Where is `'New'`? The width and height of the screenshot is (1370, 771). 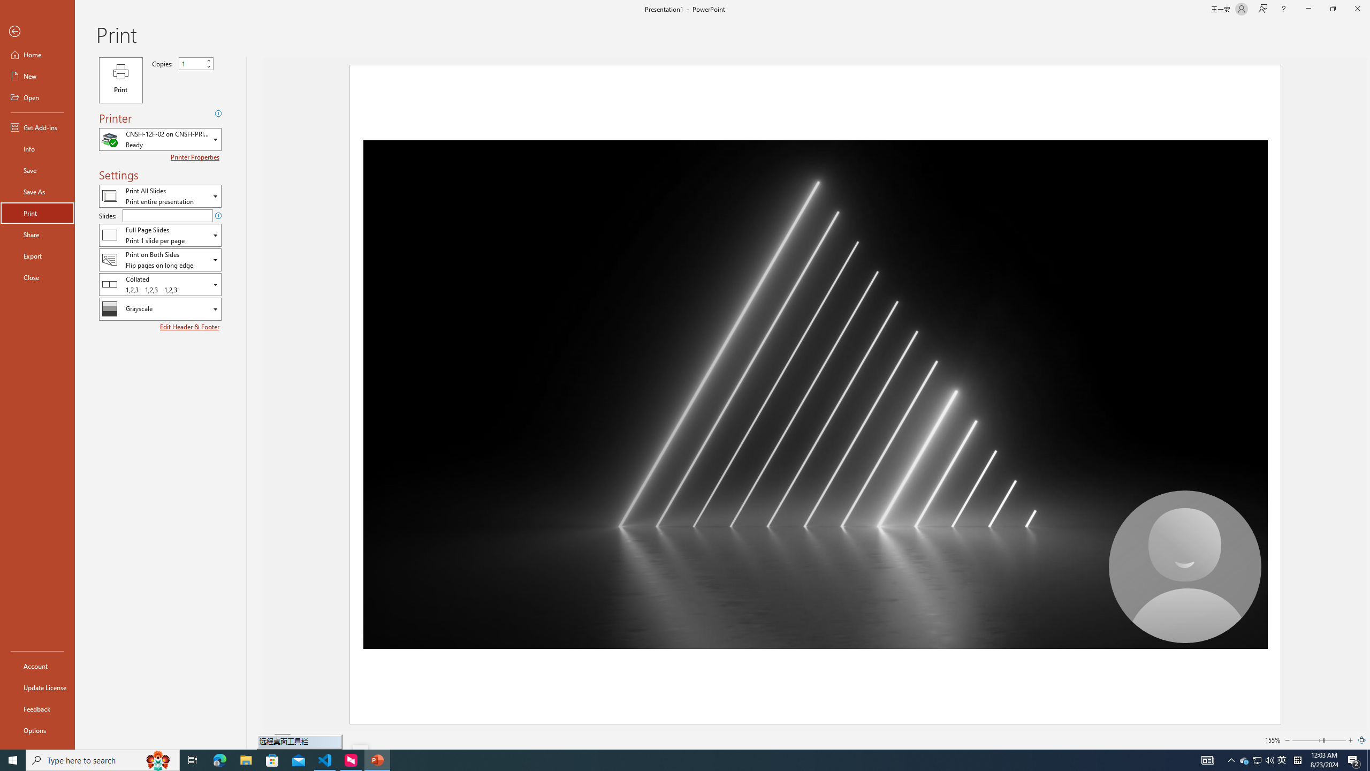
'New' is located at coordinates (37, 75).